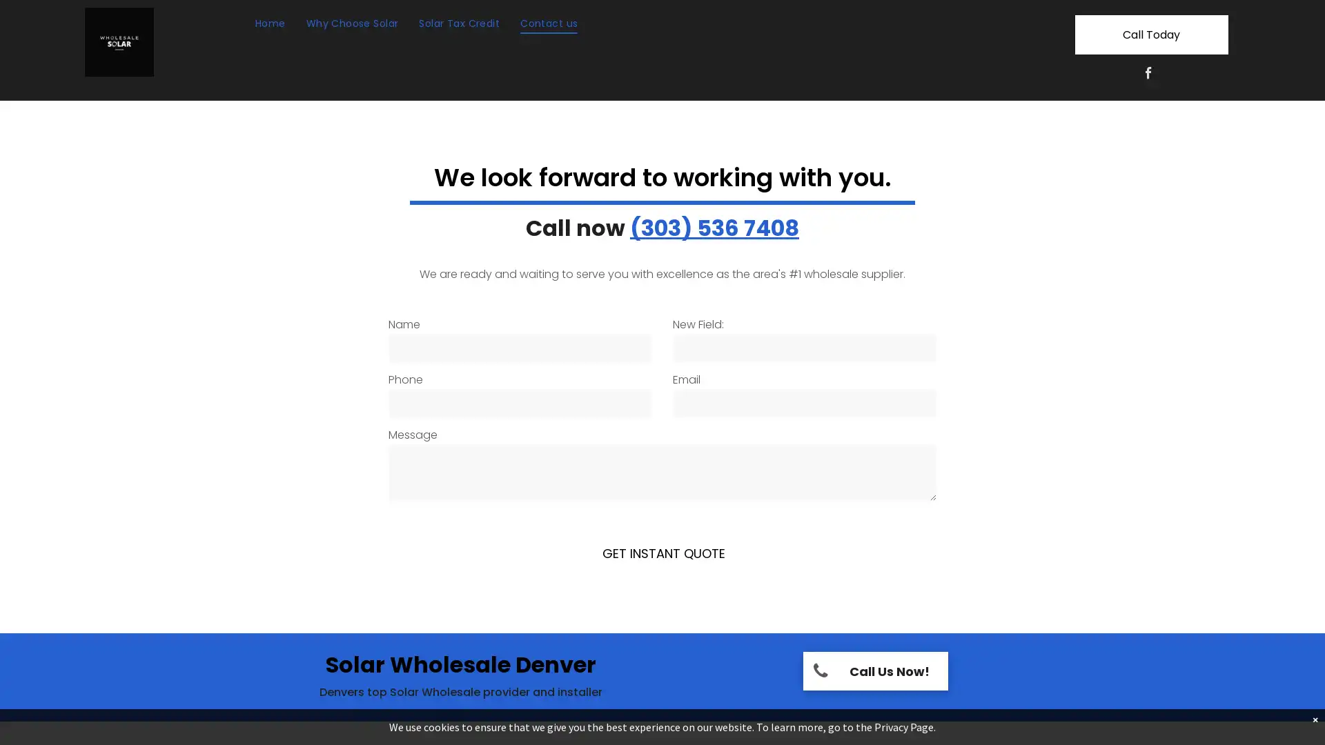 The width and height of the screenshot is (1325, 745). Describe the element at coordinates (663, 553) in the screenshot. I see `GET INSTANT QUOTE` at that location.